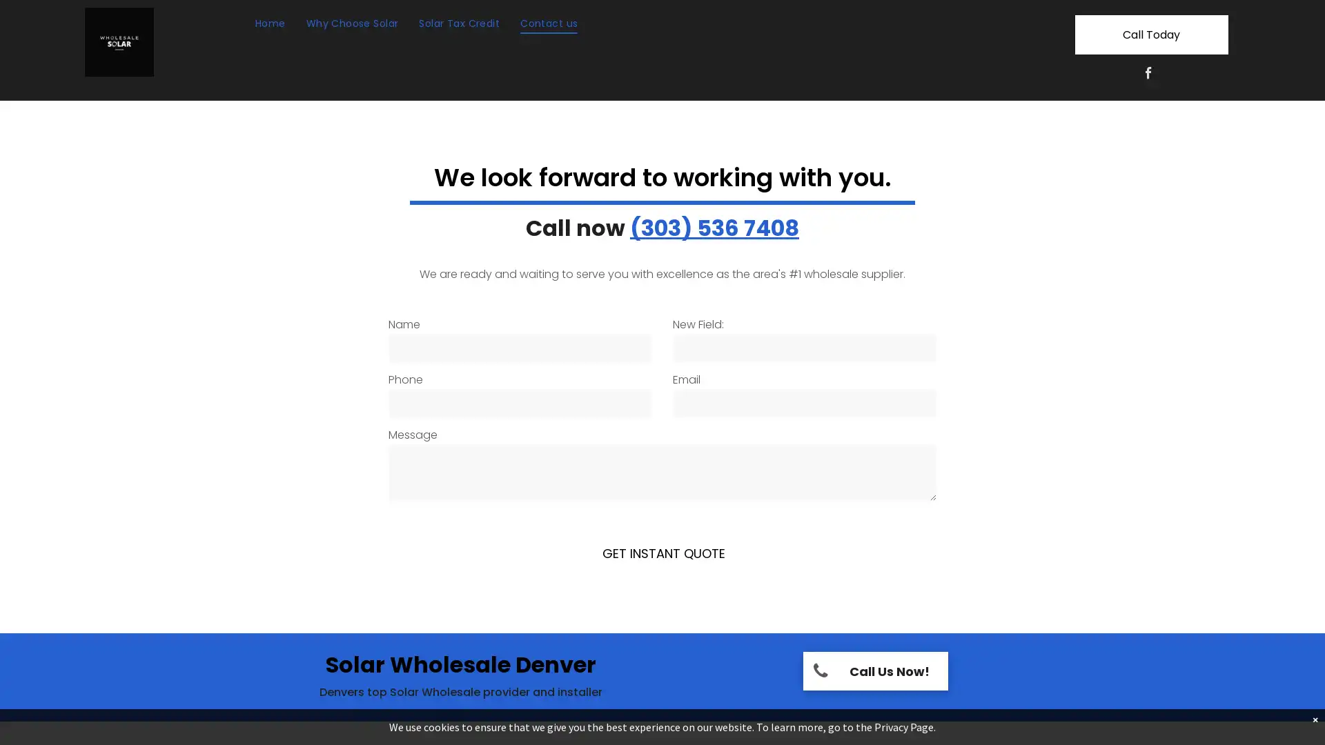 The width and height of the screenshot is (1325, 745). Describe the element at coordinates (663, 553) in the screenshot. I see `GET INSTANT QUOTE` at that location.